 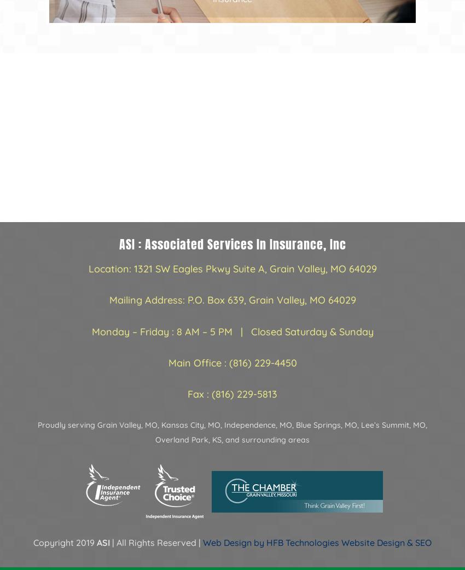 I want to click on 'Proudly serving Grain Valley, MO, Kansas City, MO, Independence, MO, Blue Springs, MO, Lee’s Summit, MO, Overland Park, KS, and surrounding areas', so click(x=233, y=432).